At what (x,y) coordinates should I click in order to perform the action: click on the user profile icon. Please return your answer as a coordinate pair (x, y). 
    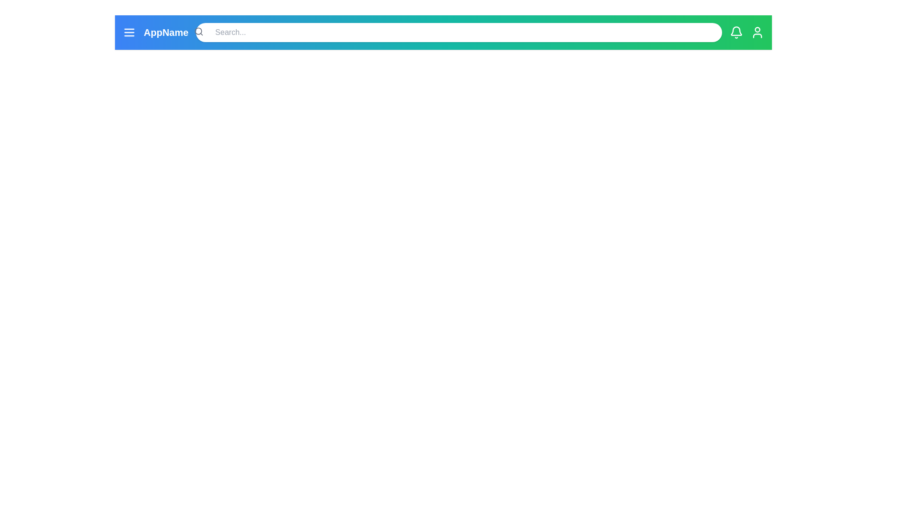
    Looking at the image, I should click on (757, 32).